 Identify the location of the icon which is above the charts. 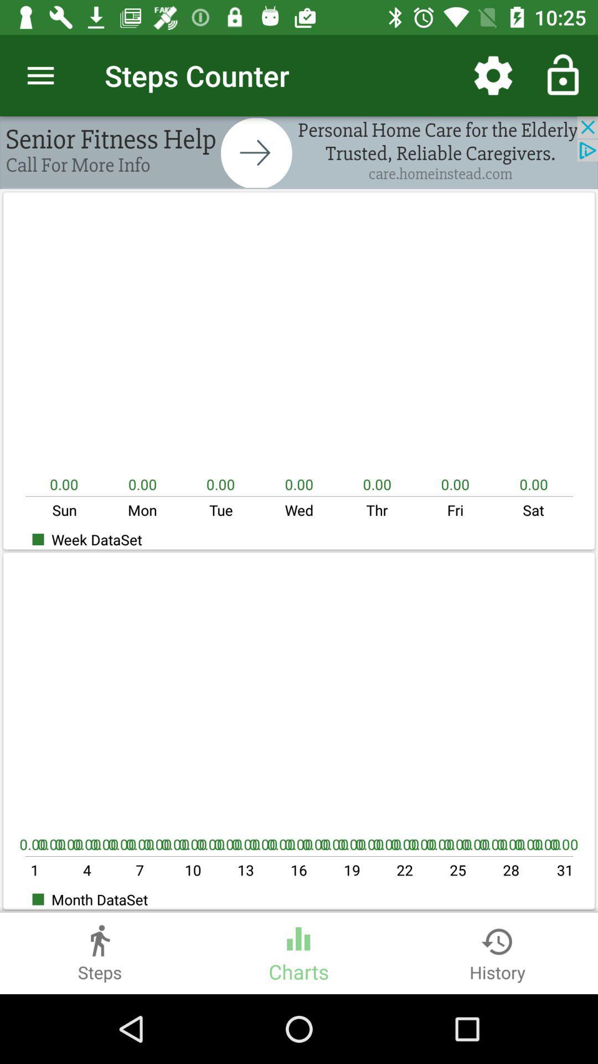
(298, 934).